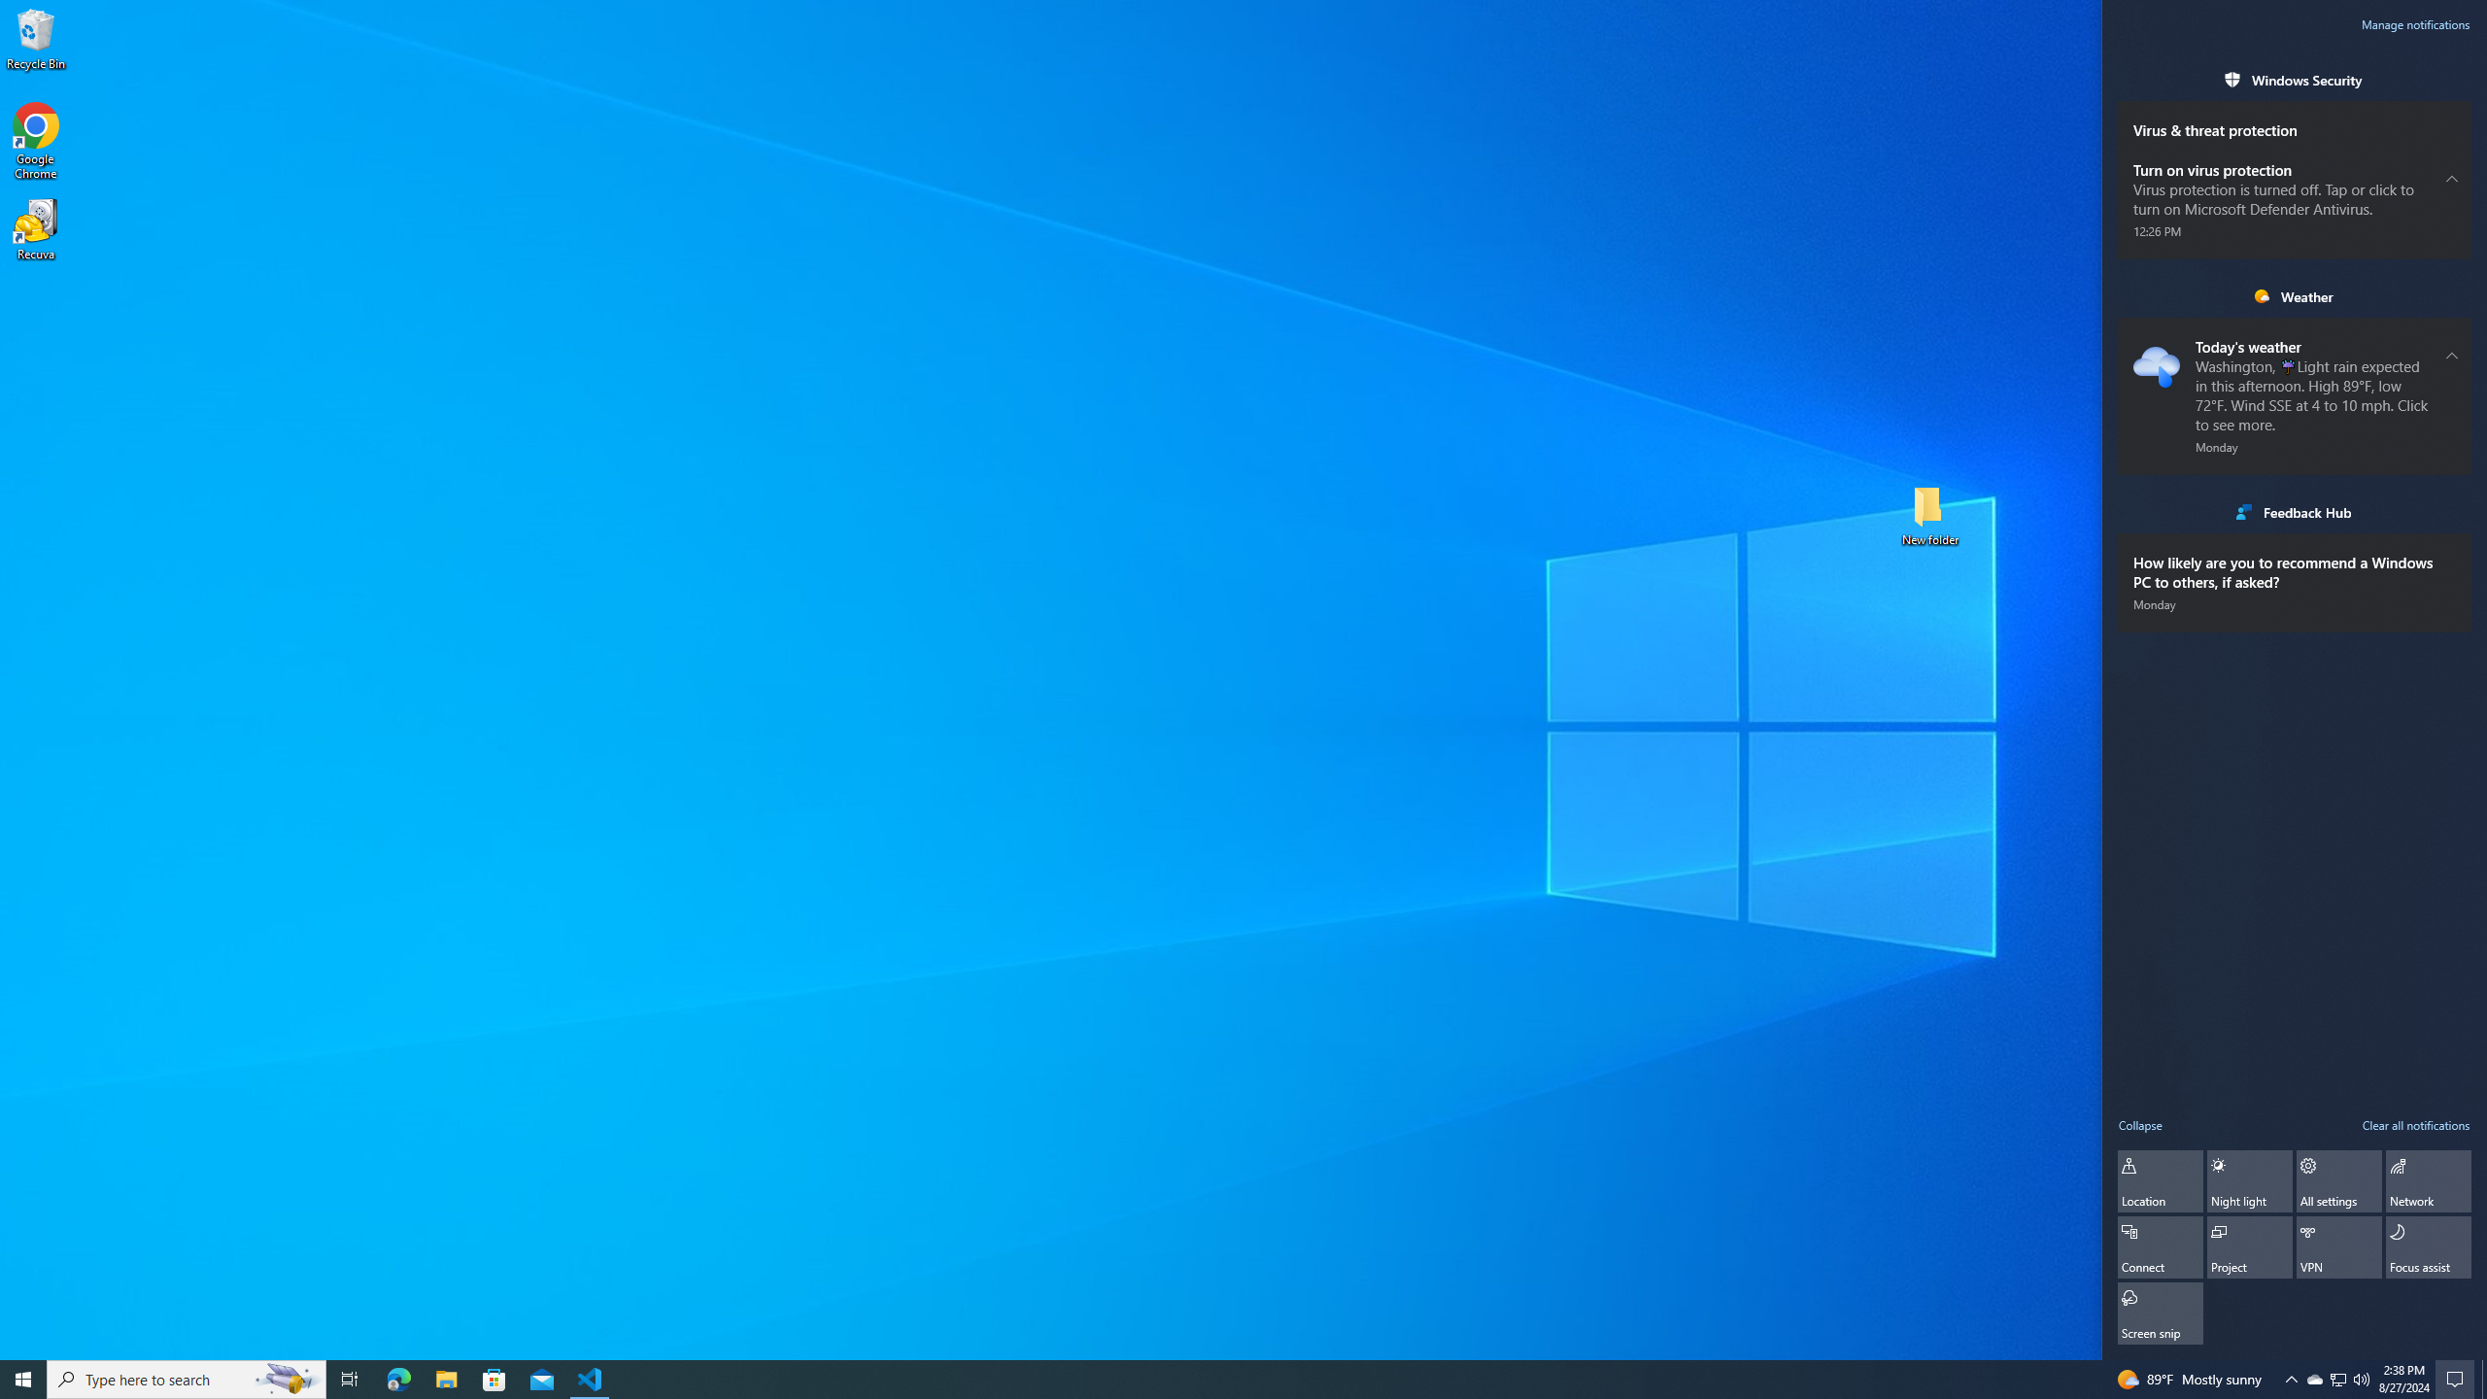 The image size is (2487, 1399). Describe the element at coordinates (2160, 1180) in the screenshot. I see `'Location'` at that location.